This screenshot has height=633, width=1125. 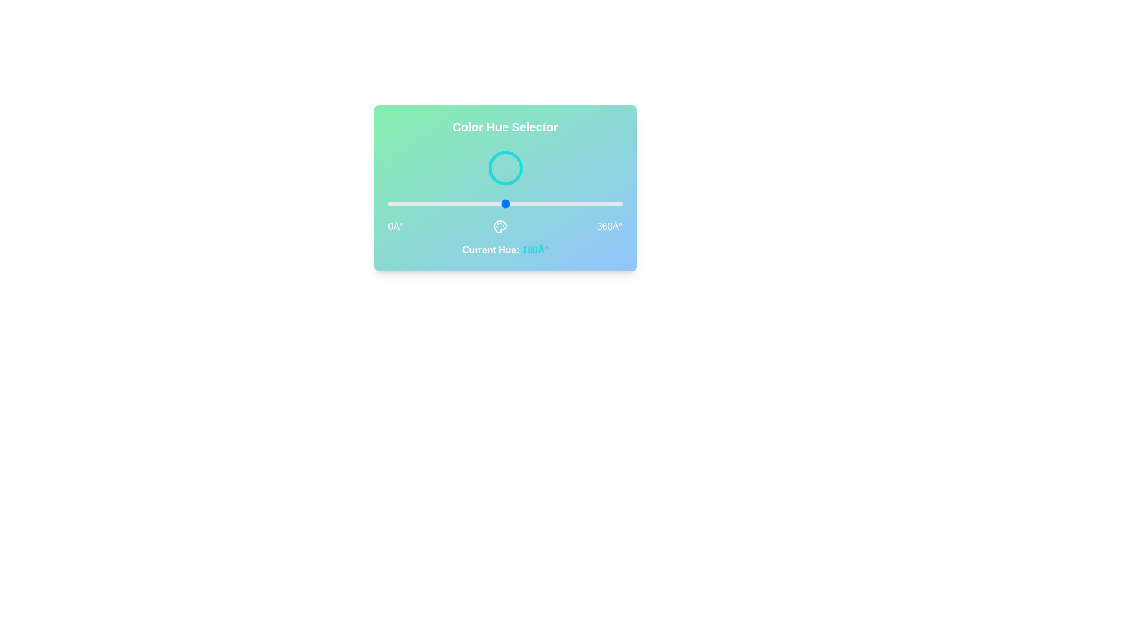 I want to click on the hue to 113° by dragging the slider, so click(x=461, y=203).